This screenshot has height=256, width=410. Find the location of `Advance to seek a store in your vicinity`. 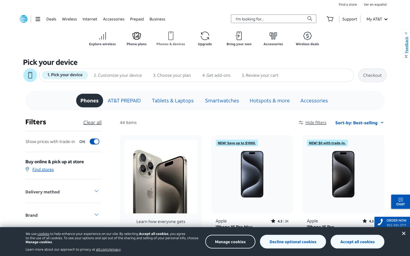

Advance to seek a store in your vicinity is located at coordinates (347, 4).